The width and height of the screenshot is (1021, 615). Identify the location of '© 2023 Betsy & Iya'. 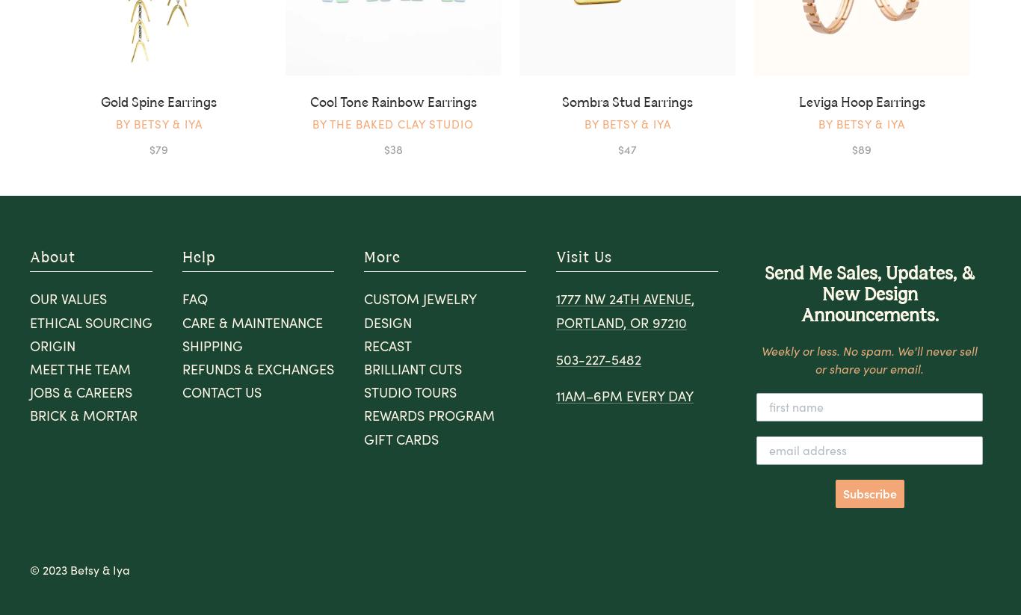
(79, 568).